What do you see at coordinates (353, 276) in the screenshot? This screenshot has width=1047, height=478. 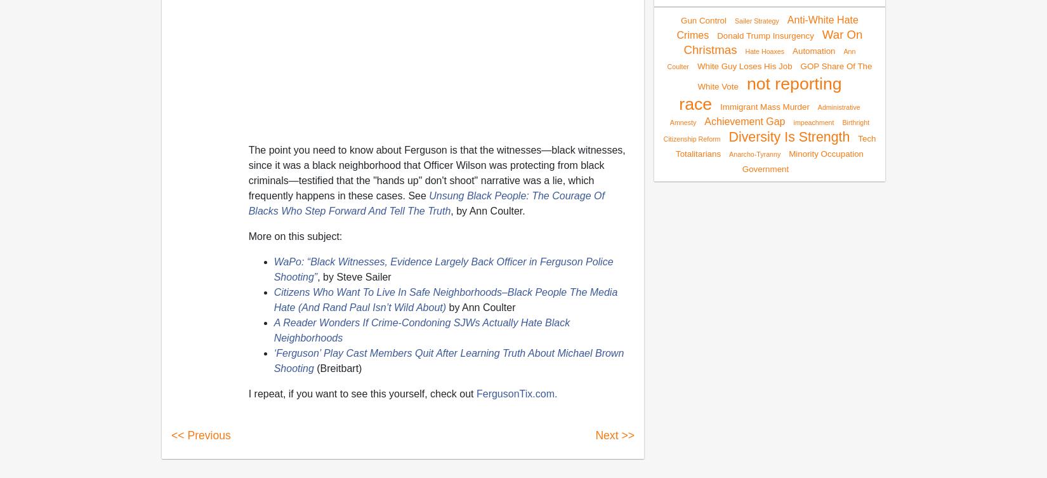 I see `', by Steve Sailer'` at bounding box center [353, 276].